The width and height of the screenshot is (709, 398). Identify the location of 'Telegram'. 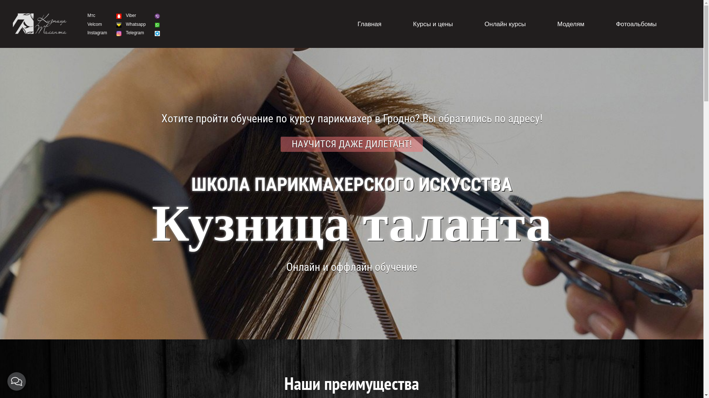
(135, 32).